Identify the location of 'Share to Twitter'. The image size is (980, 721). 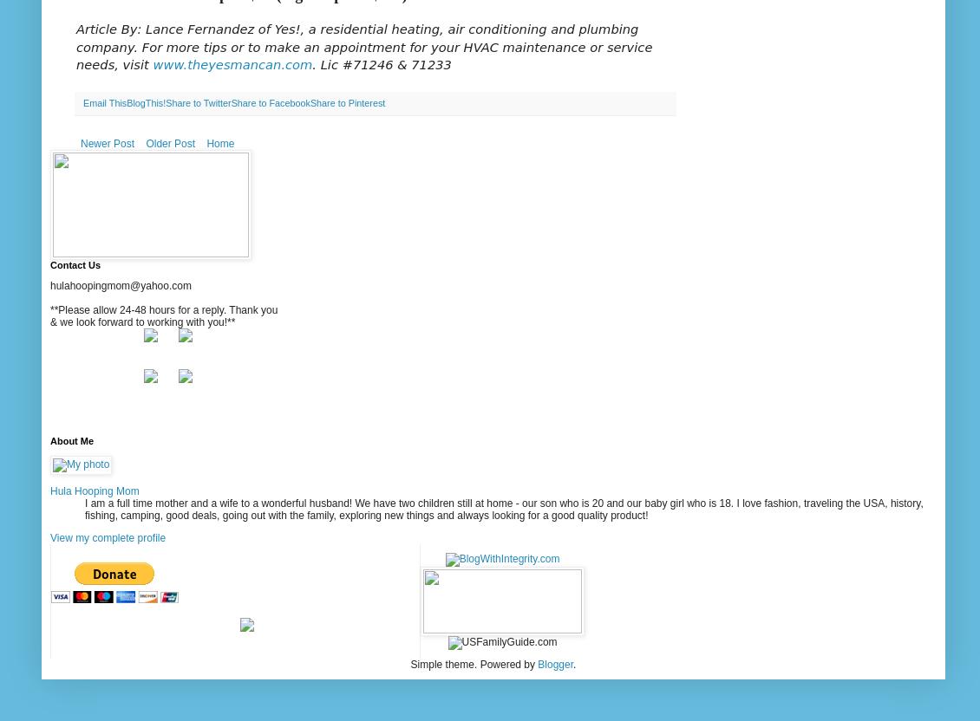
(197, 102).